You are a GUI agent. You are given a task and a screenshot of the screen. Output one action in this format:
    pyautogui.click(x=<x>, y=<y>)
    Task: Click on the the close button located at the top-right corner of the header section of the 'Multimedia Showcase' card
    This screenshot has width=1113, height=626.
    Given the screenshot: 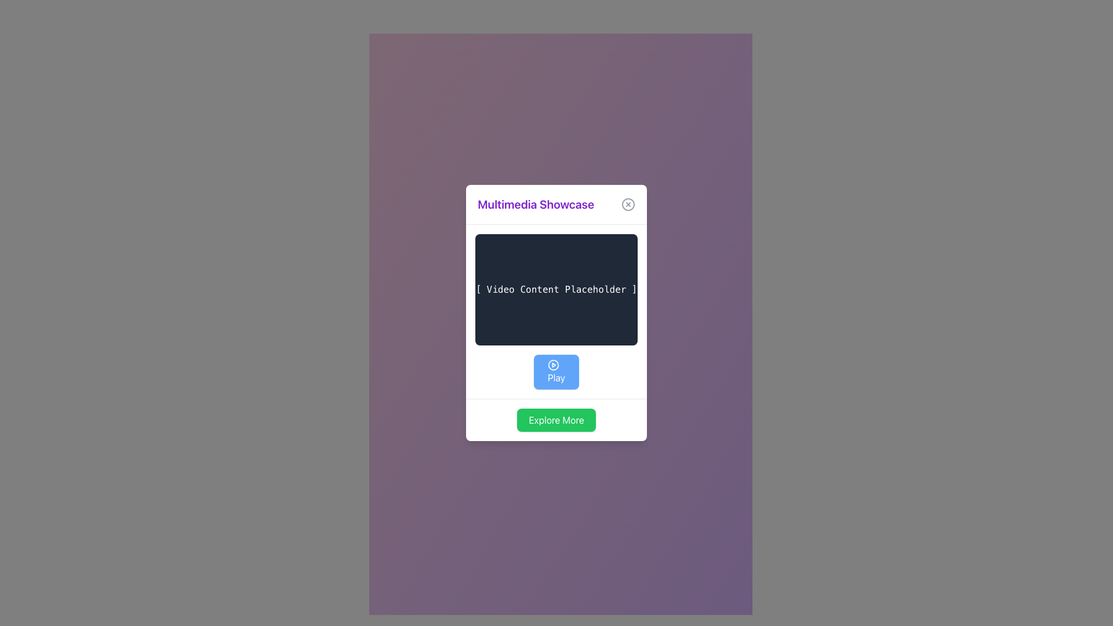 What is the action you would take?
    pyautogui.click(x=627, y=204)
    